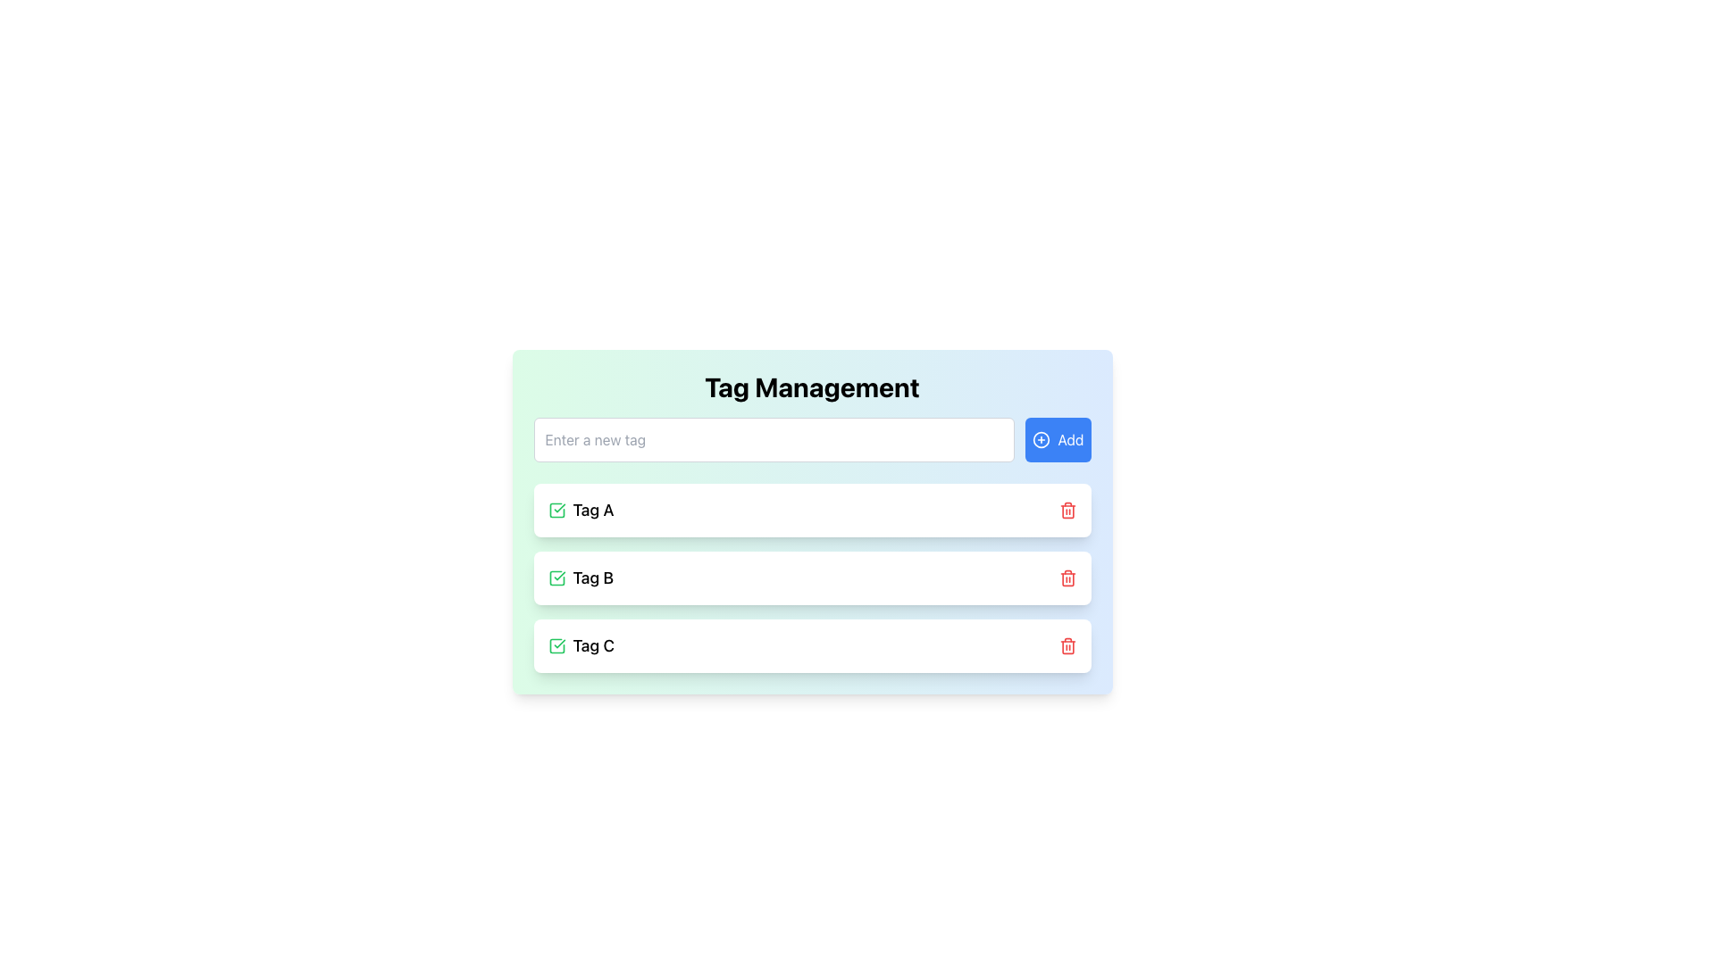  What do you see at coordinates (1058, 440) in the screenshot?
I see `the 'Add Tag' button located to the right of the 'Enter a new tag' input field under the 'Tag Management' heading` at bounding box center [1058, 440].